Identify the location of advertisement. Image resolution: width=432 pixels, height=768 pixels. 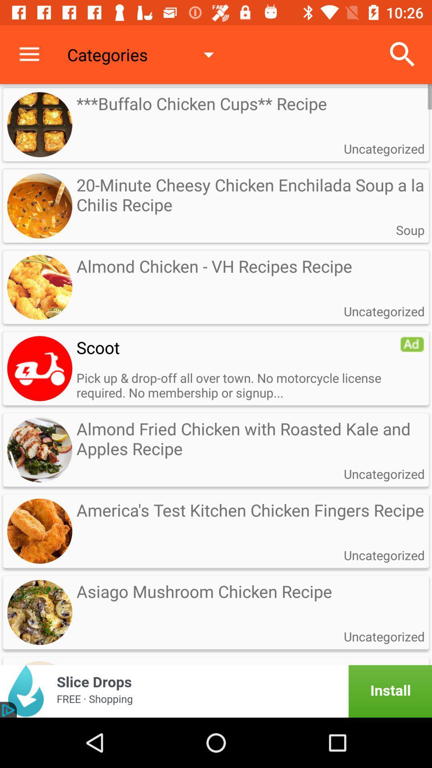
(40, 368).